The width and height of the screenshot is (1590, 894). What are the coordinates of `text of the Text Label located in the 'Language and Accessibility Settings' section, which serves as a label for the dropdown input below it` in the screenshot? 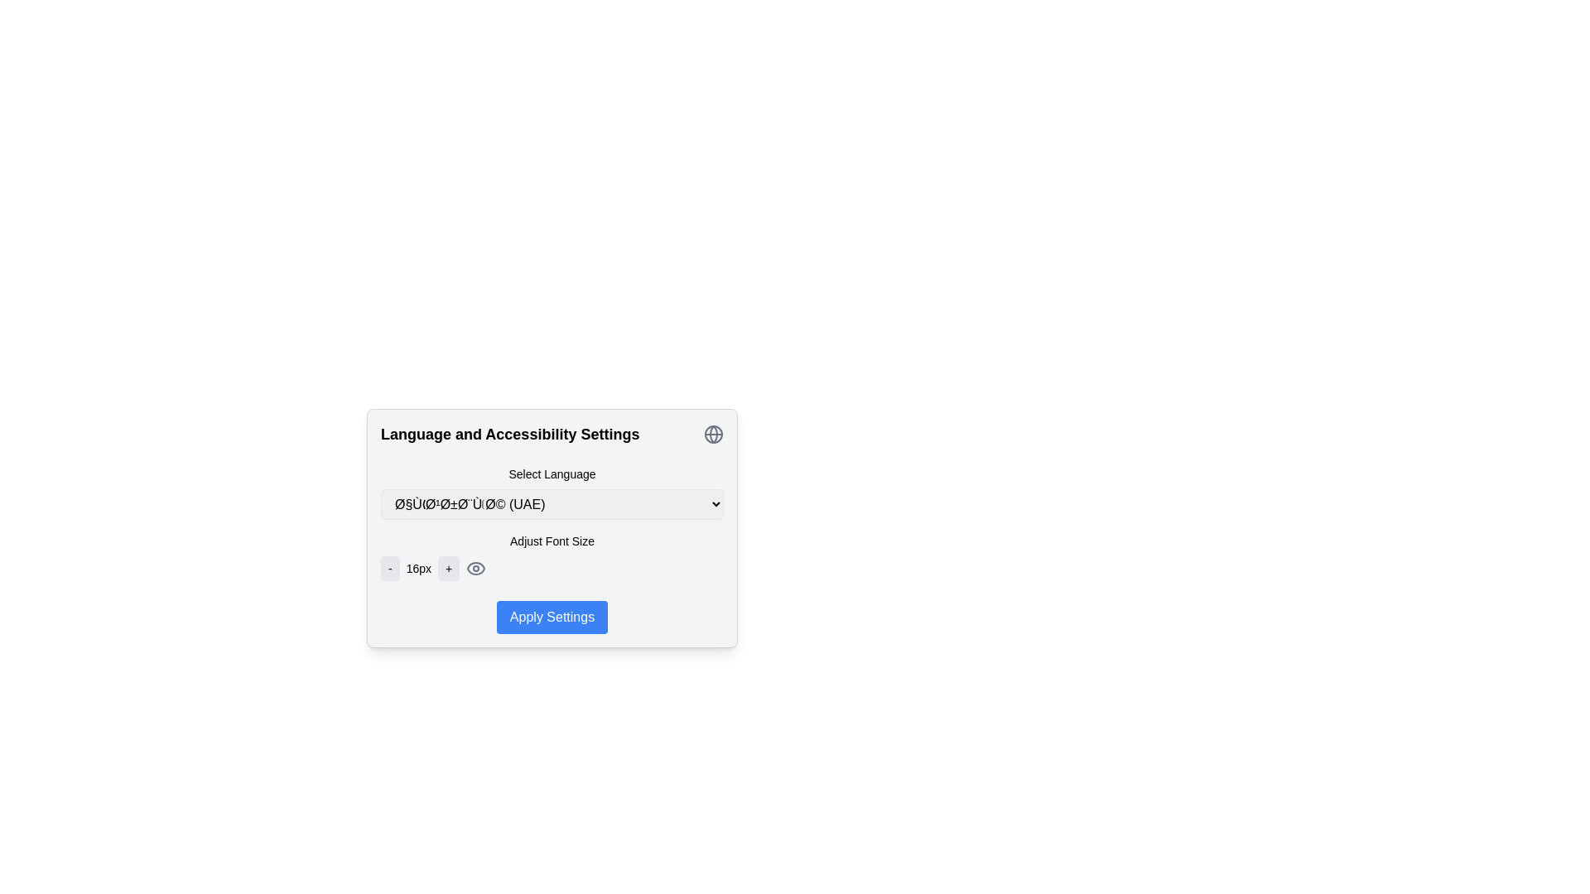 It's located at (552, 474).